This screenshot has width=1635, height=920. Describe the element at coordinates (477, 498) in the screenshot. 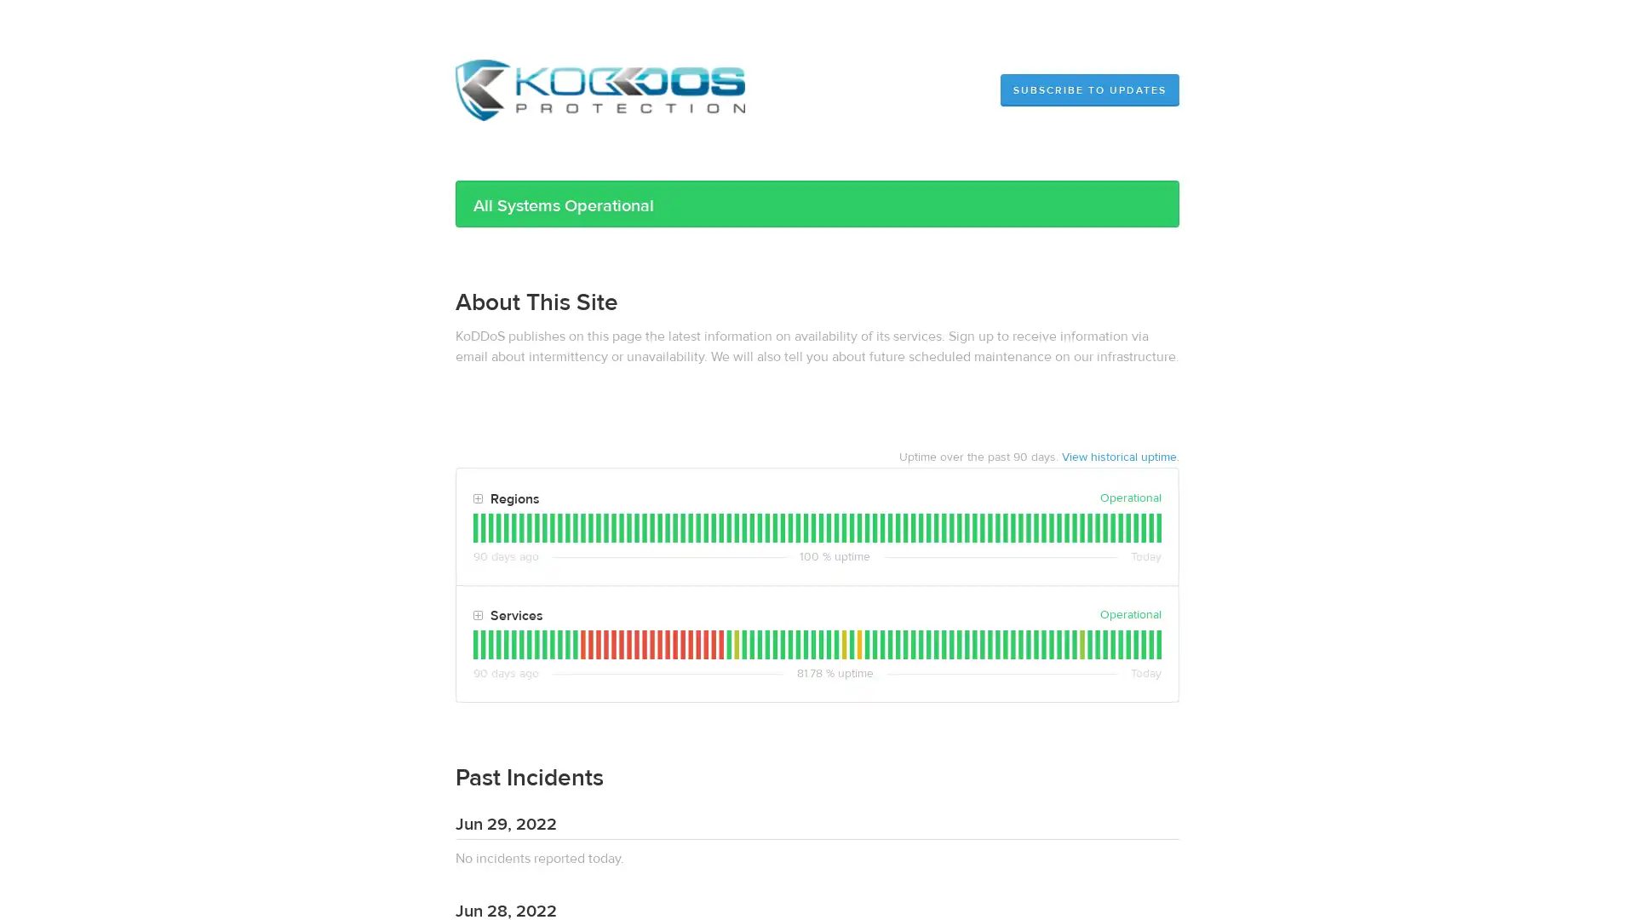

I see `Toggle Regions` at that location.